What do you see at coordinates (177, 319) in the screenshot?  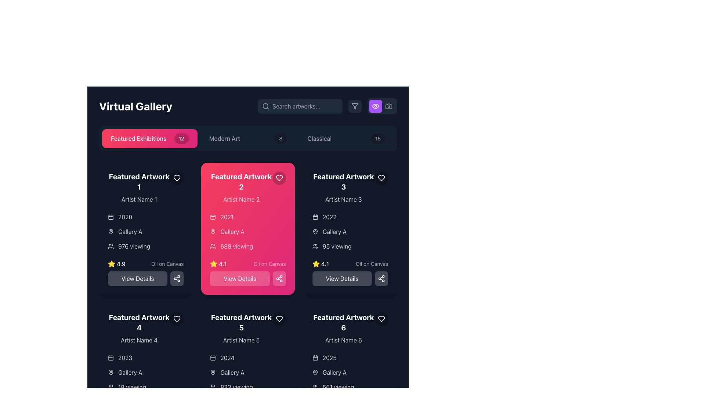 I see `the small white heart icon outlined with a black background in the top-right corner of the 'Featured Artwork 4' card` at bounding box center [177, 319].